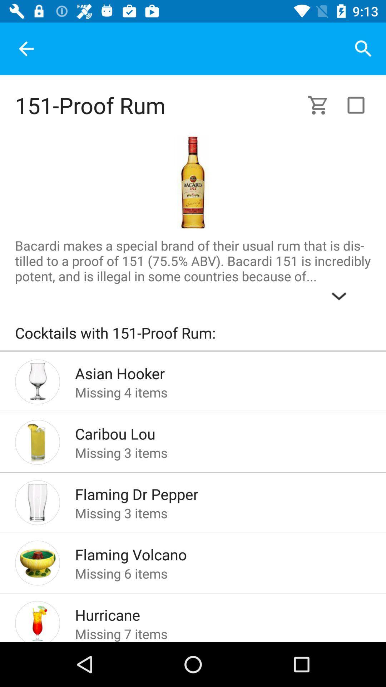 The height and width of the screenshot is (687, 386). I want to click on icon at the top left corner, so click(26, 48).